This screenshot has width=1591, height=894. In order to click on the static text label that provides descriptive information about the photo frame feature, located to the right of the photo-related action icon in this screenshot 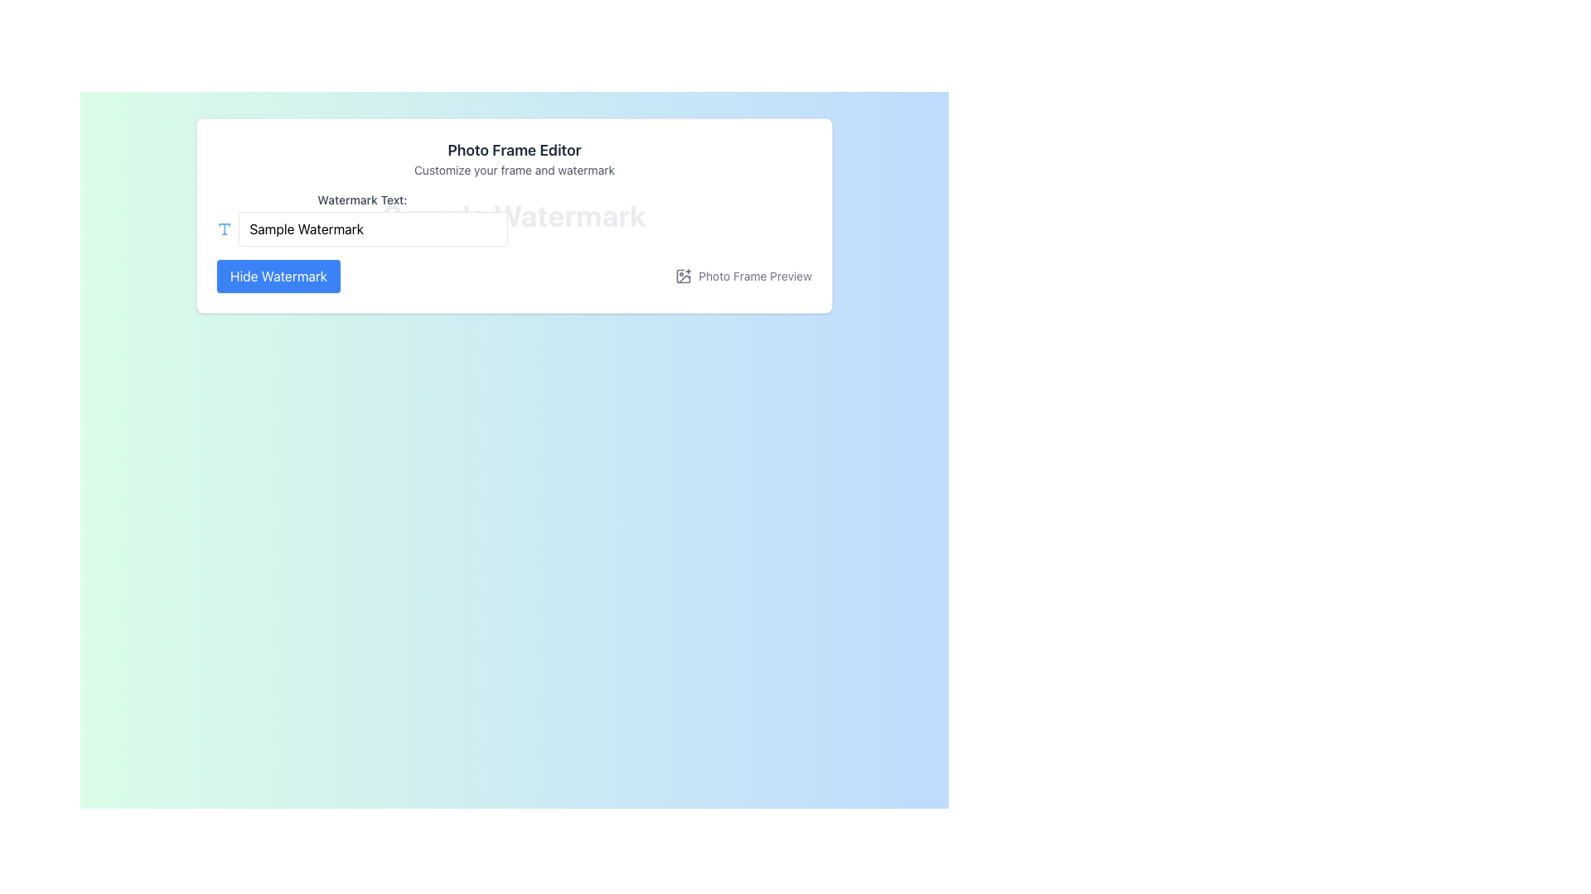, I will do `click(754, 276)`.